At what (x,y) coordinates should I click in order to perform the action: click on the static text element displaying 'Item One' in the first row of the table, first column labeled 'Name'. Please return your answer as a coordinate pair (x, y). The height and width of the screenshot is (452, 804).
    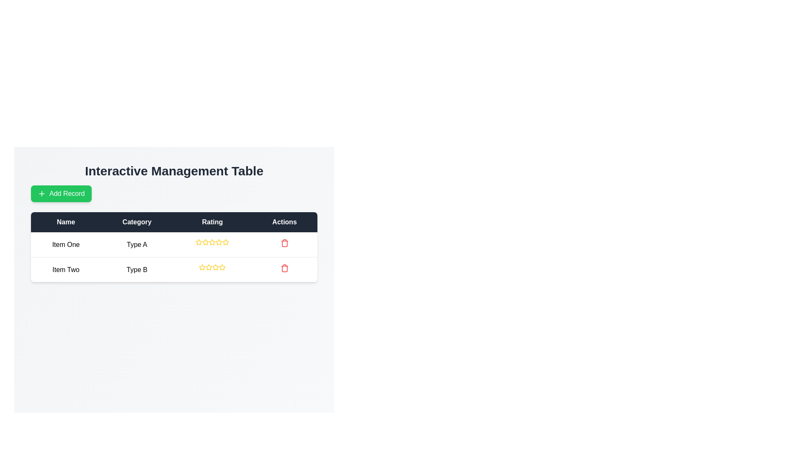
    Looking at the image, I should click on (65, 244).